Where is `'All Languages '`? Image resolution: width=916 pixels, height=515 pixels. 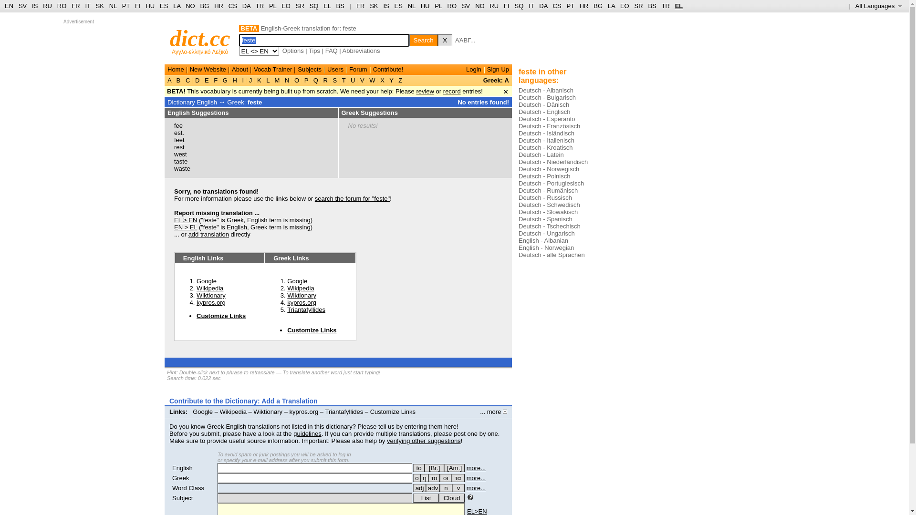
'All Languages ' is located at coordinates (878, 6).